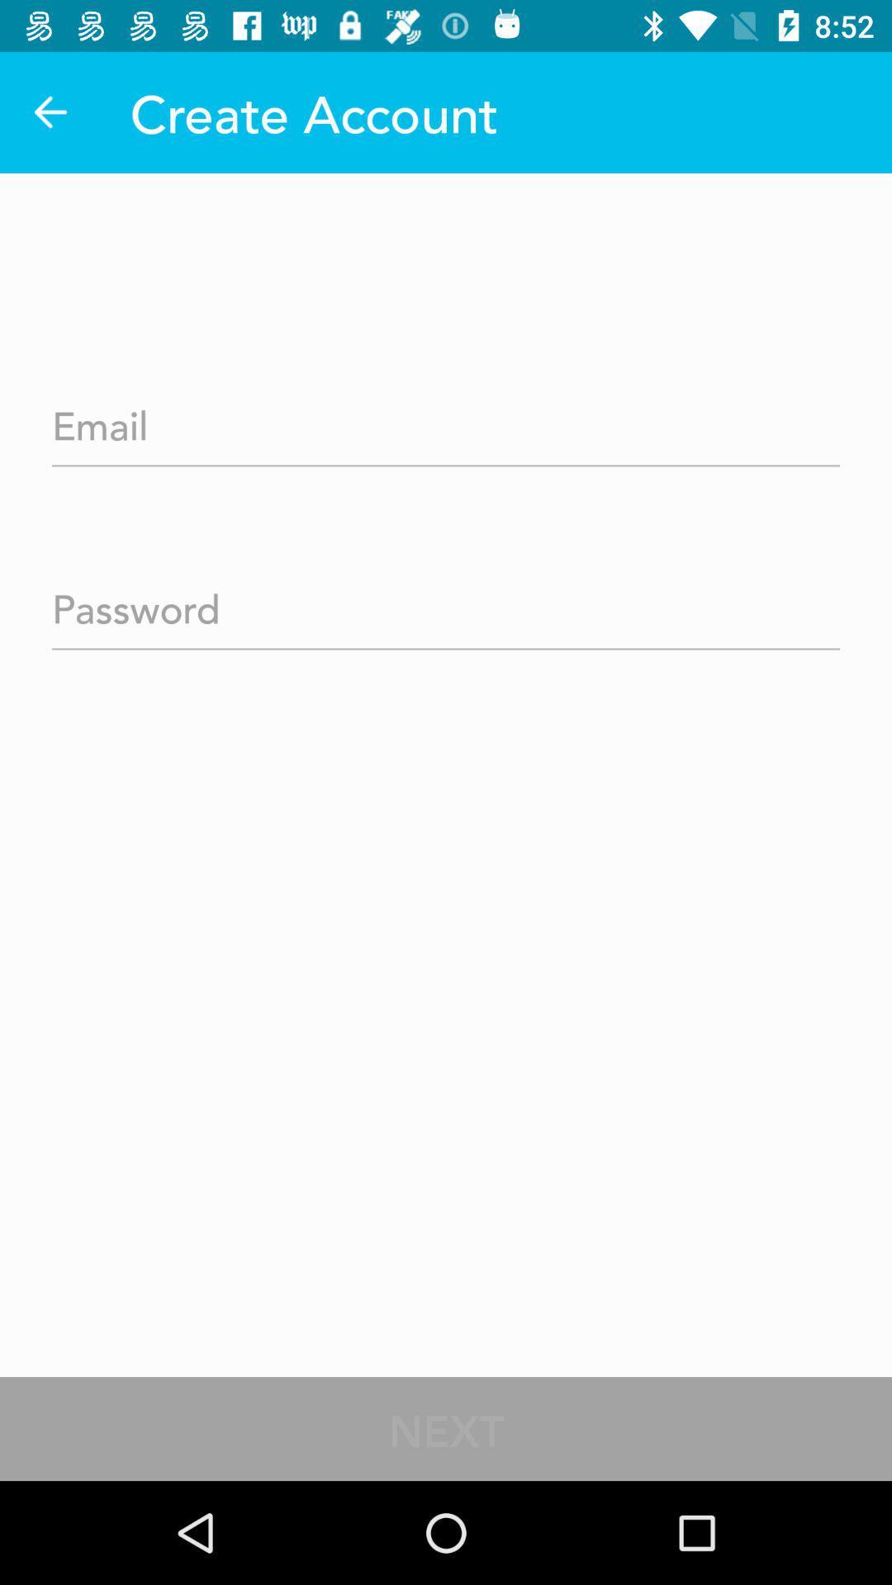 This screenshot has height=1585, width=892. I want to click on the next item, so click(446, 1428).